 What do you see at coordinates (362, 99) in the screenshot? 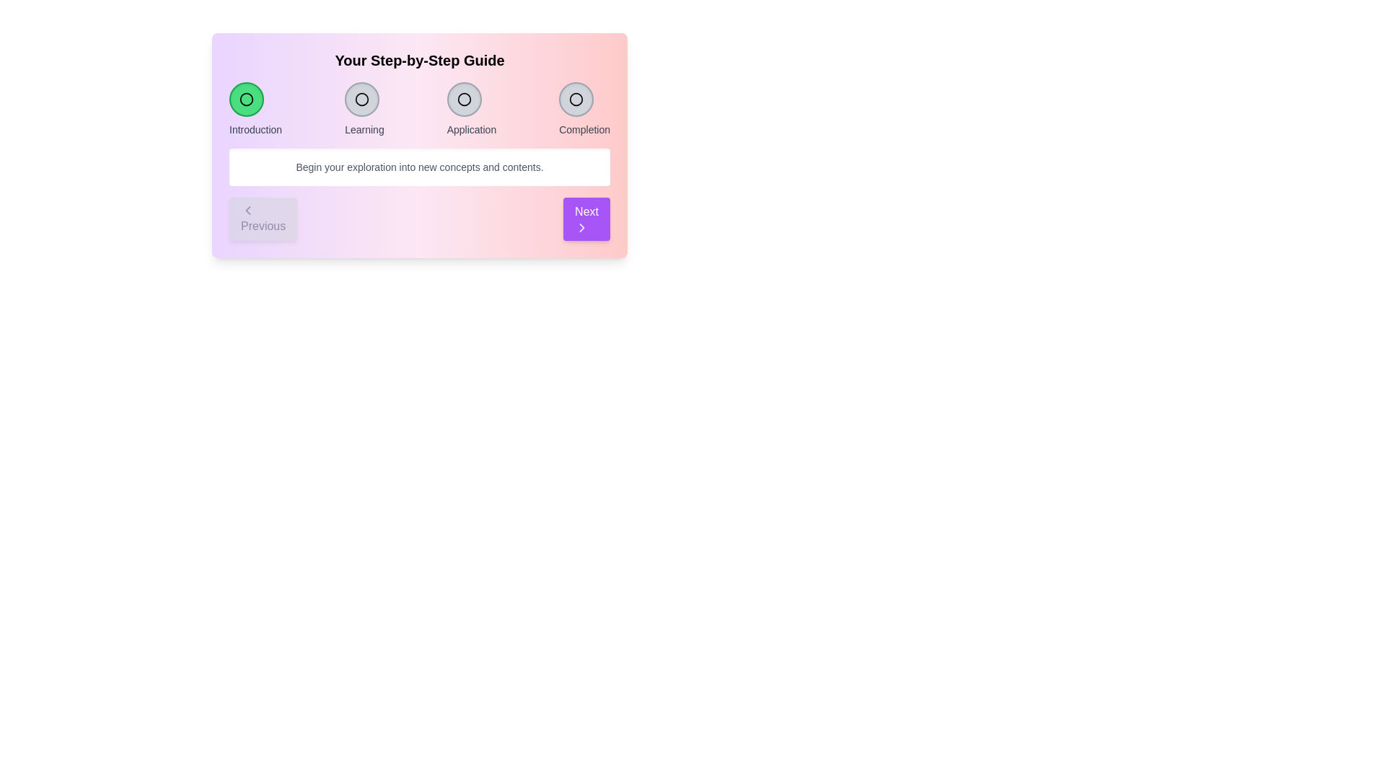
I see `the circular button labeled 'Learning' in the Step indicator sequence under 'Your Step-by-Step Guide'` at bounding box center [362, 99].